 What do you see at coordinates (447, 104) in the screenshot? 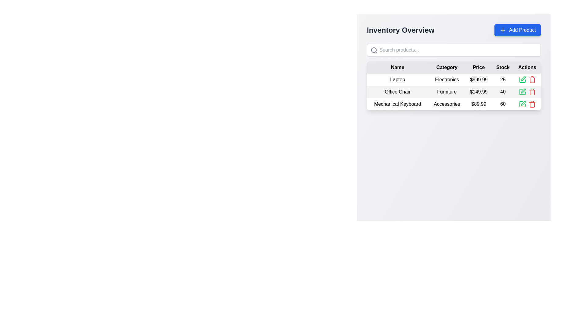
I see `the static text label categorizing 'Mechanical Keyboard' under the 'Accessories' category in the 'Category' column of the tabular display` at bounding box center [447, 104].